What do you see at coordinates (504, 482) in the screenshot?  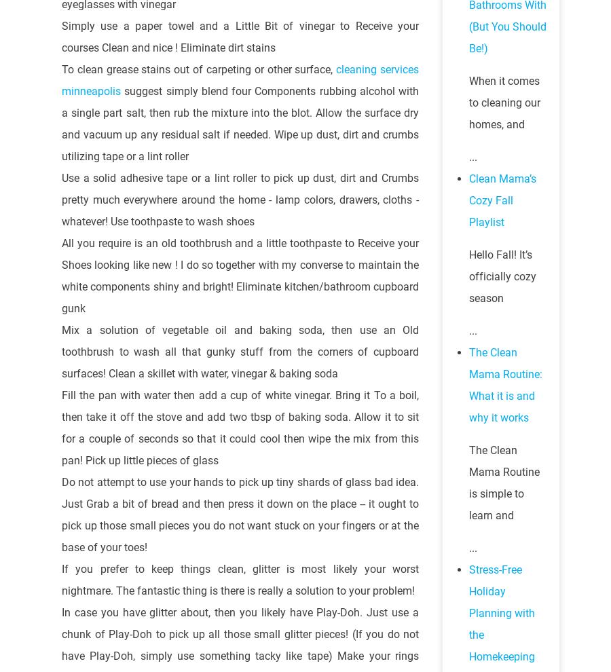 I see `'The Clean Mama Routine is simple to learn and'` at bounding box center [504, 482].